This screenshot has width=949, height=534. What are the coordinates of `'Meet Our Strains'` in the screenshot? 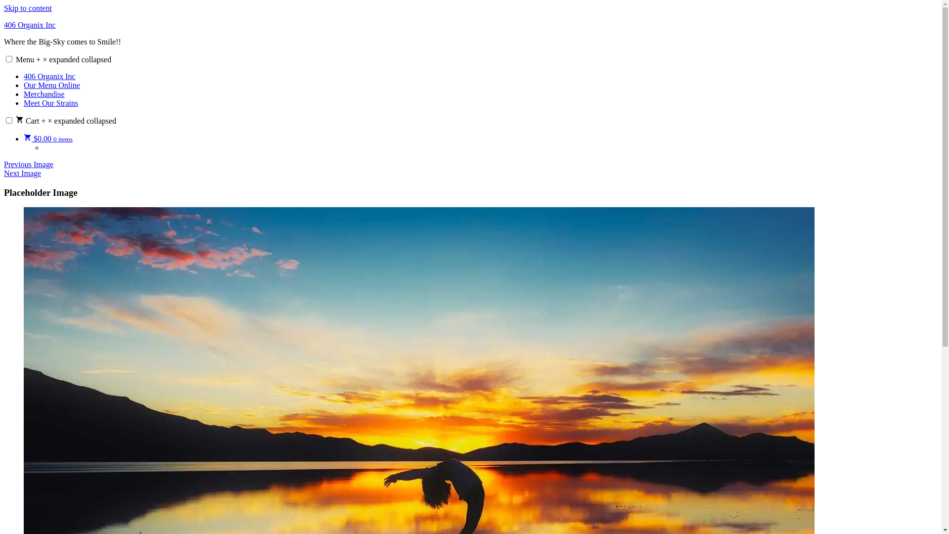 It's located at (50, 103).